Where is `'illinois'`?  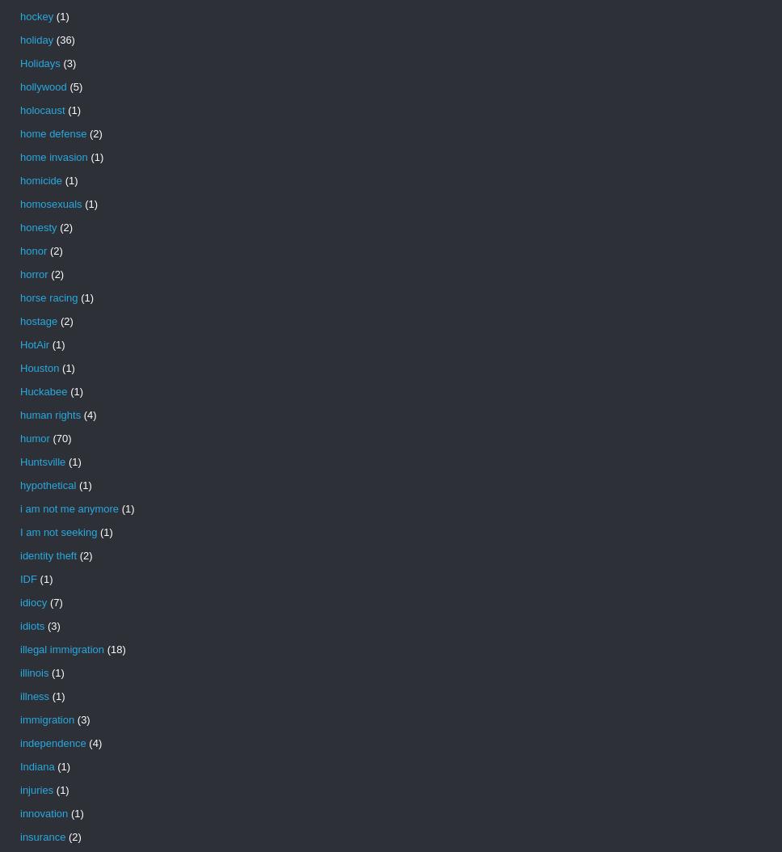
'illinois' is located at coordinates (33, 672).